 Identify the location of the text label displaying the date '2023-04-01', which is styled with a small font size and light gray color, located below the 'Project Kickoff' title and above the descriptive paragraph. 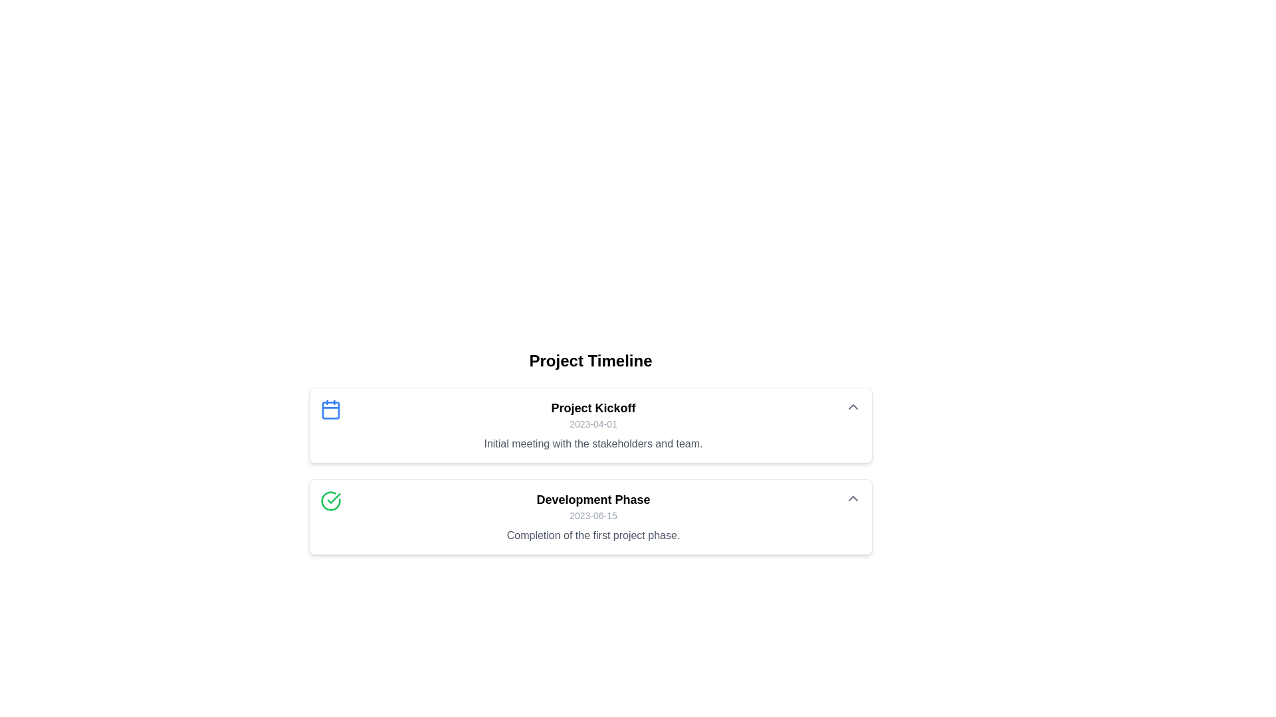
(592, 424).